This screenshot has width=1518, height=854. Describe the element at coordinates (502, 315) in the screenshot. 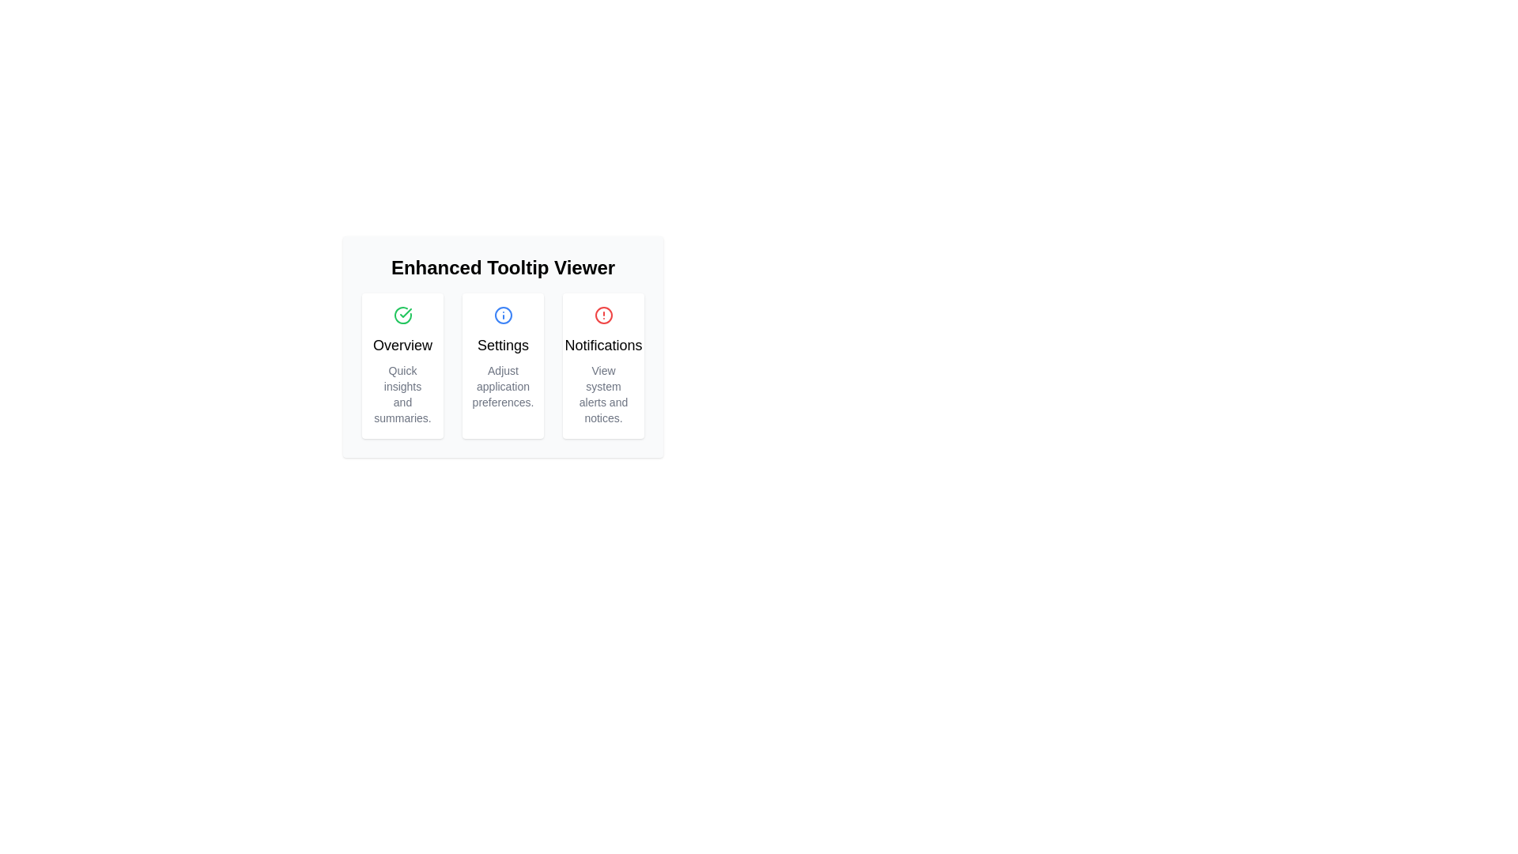

I see `the informational icon within the 'Settings' card` at that location.